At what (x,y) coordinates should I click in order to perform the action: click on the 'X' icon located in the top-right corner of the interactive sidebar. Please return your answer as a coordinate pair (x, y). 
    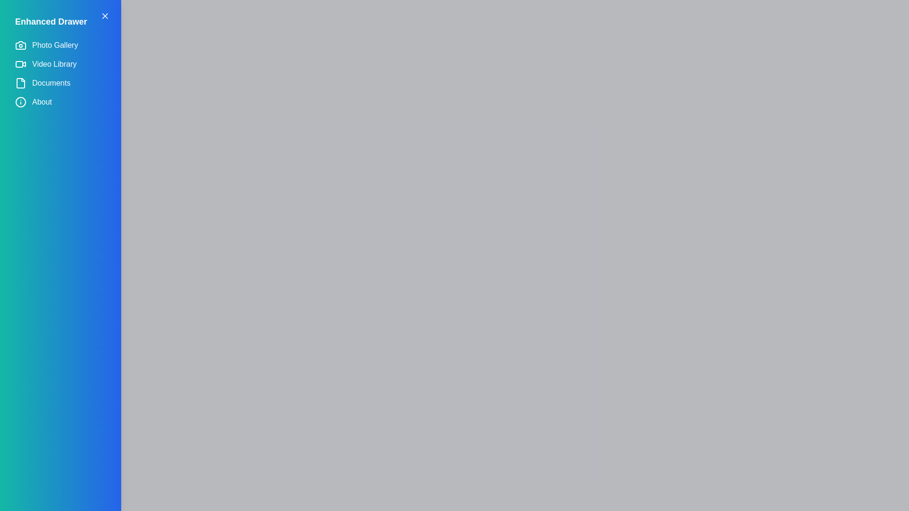
    Looking at the image, I should click on (105, 16).